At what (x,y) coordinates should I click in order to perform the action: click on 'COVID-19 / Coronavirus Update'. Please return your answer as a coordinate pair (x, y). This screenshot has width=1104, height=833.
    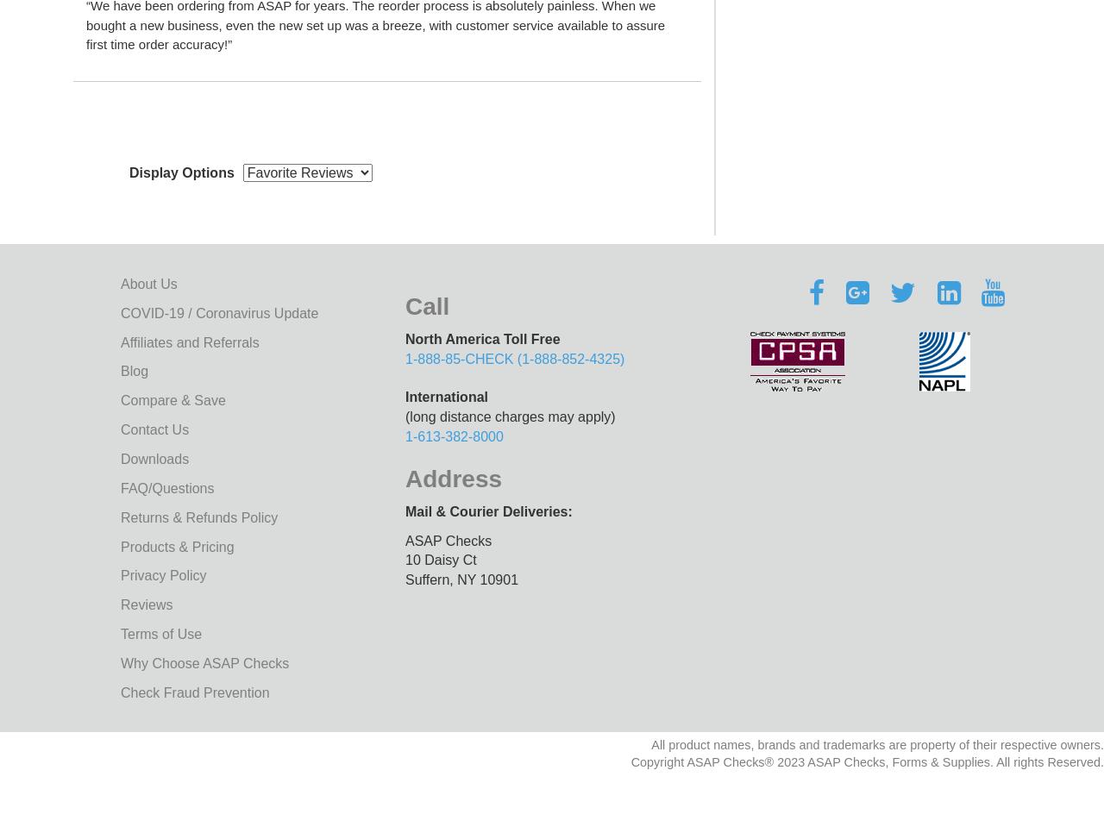
    Looking at the image, I should click on (218, 311).